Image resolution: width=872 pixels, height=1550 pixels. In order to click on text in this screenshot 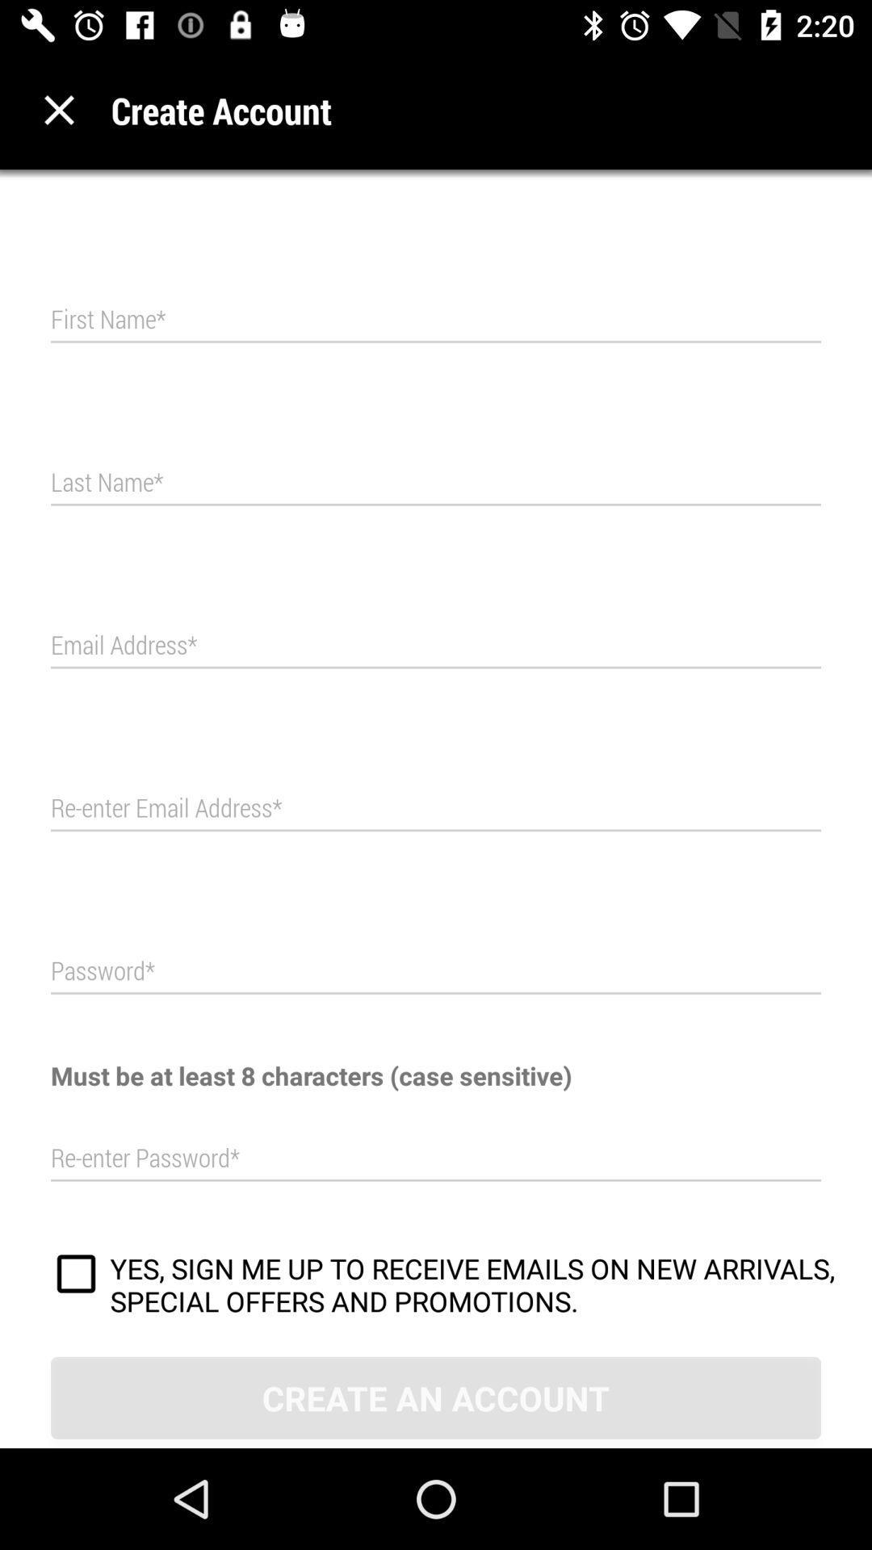, I will do `click(436, 482)`.